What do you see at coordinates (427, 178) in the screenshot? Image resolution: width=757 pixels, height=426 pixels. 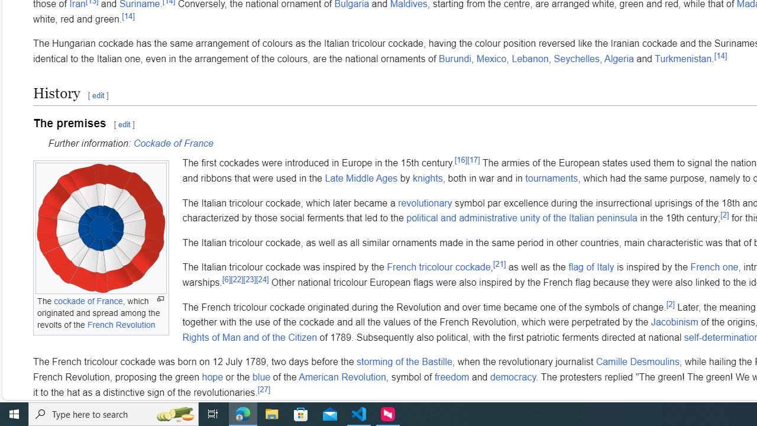 I see `'knights'` at bounding box center [427, 178].